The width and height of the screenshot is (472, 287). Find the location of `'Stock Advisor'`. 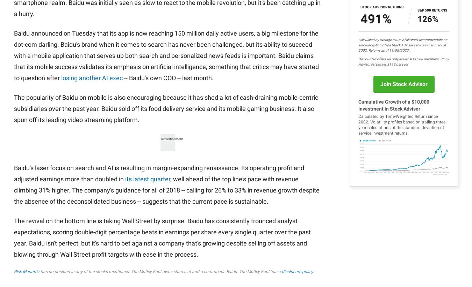

'Stock Advisor' is located at coordinates (216, 43).